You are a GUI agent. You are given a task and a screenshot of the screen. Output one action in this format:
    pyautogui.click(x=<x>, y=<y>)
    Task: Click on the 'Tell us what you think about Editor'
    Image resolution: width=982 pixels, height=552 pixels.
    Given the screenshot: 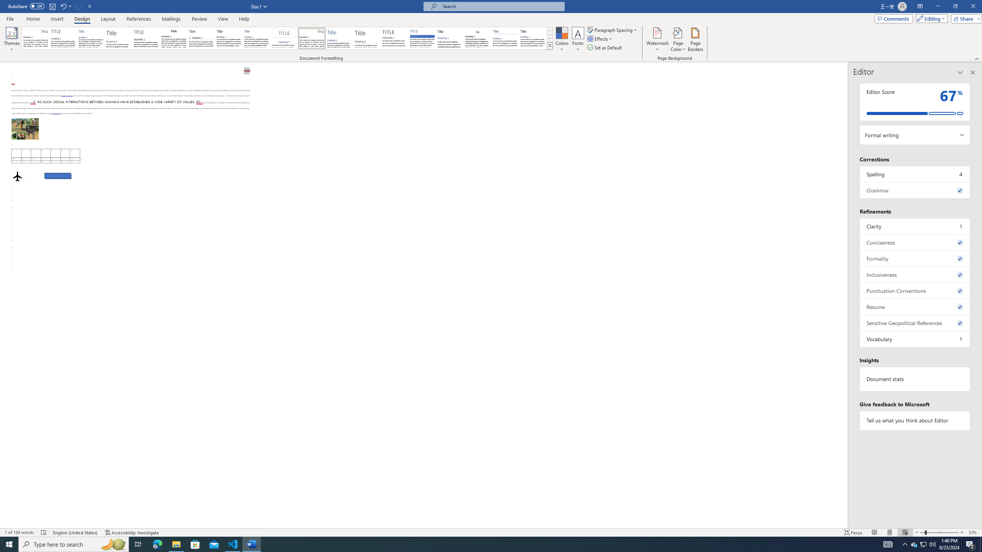 What is the action you would take?
    pyautogui.click(x=914, y=420)
    